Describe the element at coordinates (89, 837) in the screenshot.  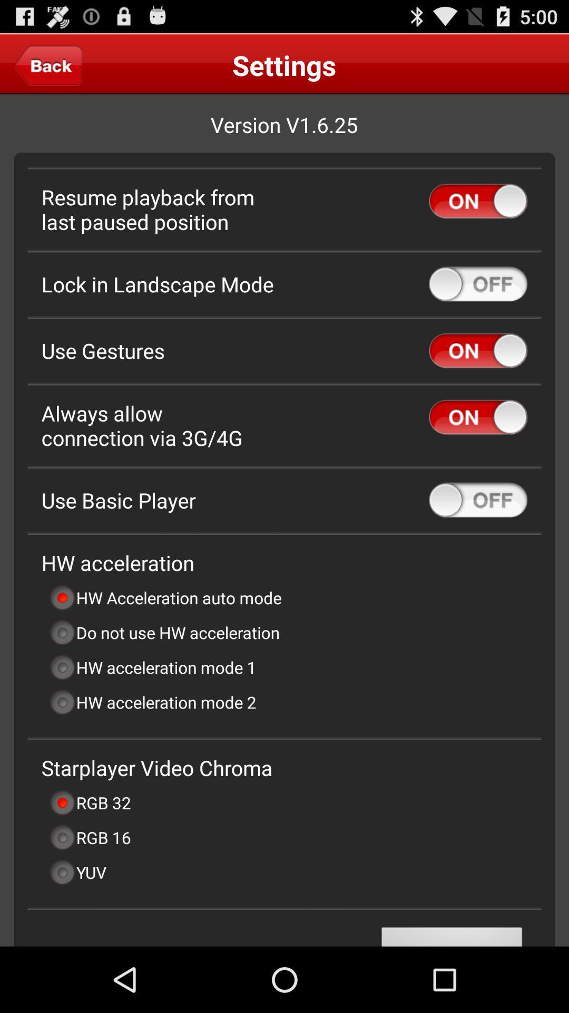
I see `the item below rgb 32 item` at that location.